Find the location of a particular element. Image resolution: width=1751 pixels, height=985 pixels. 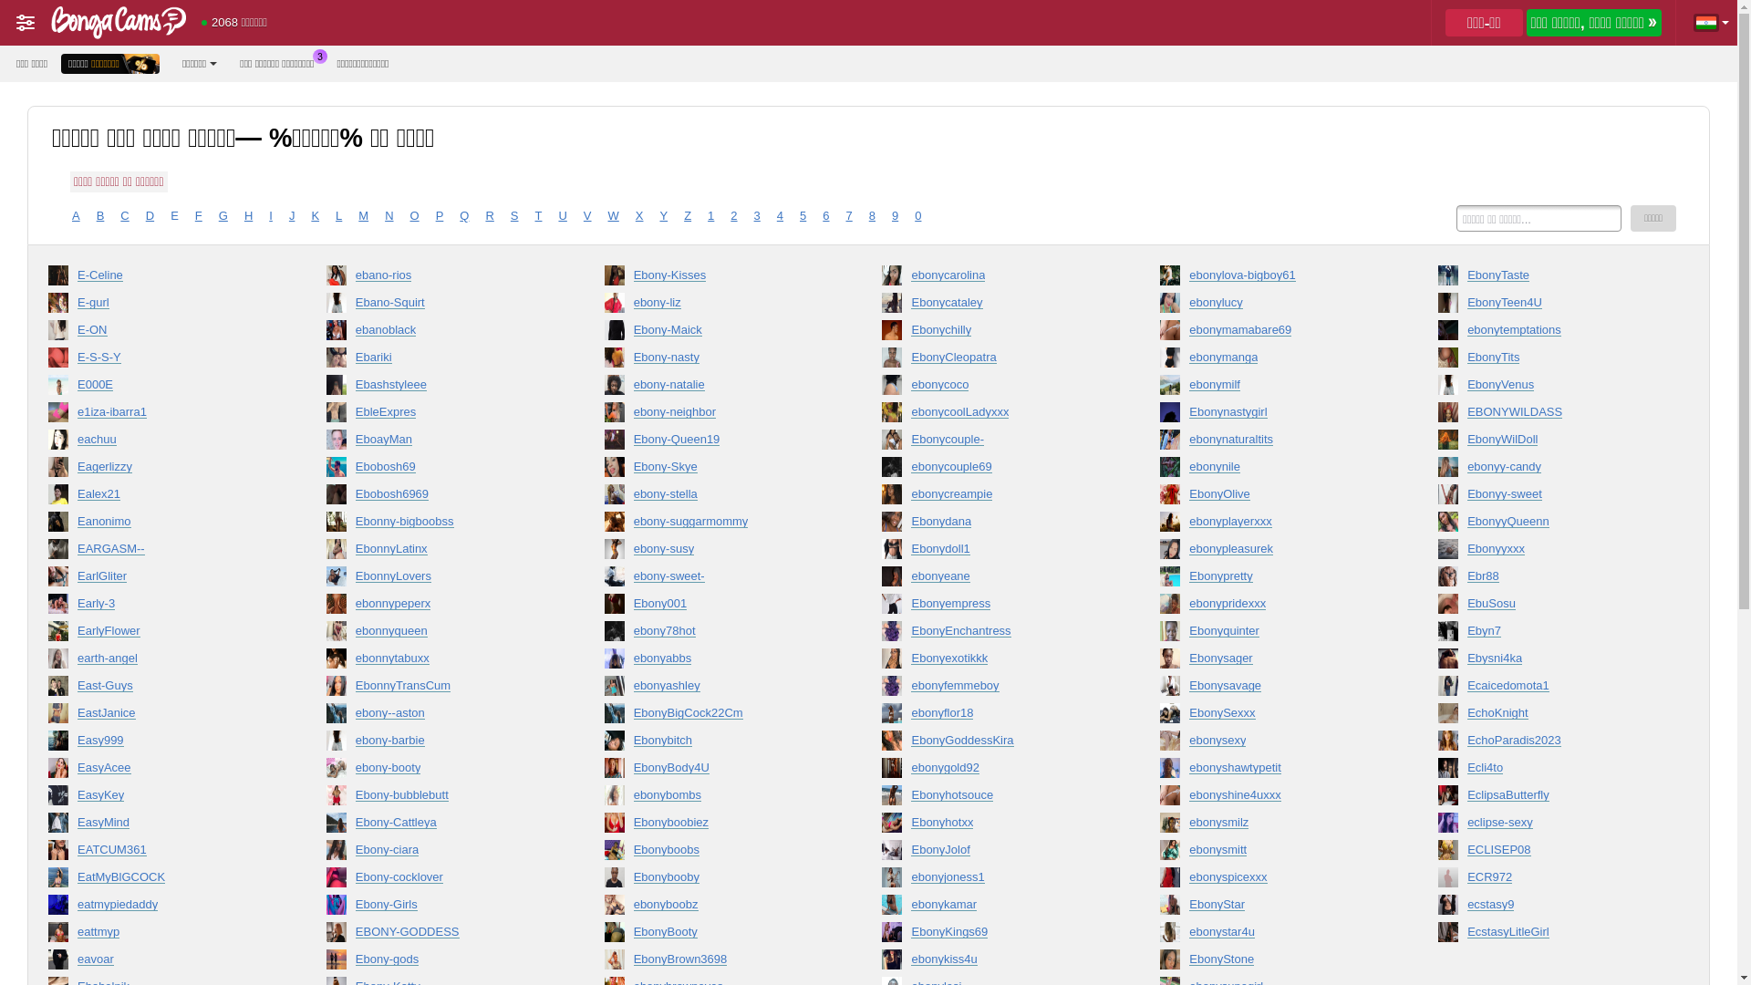

'ebony-natalie' is located at coordinates (717, 387).